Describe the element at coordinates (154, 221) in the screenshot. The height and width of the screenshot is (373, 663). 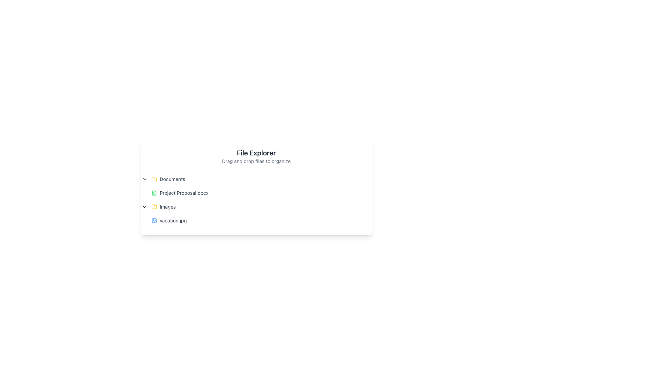
I see `the blue outlined icon representing 'vacation.jpg'` at that location.